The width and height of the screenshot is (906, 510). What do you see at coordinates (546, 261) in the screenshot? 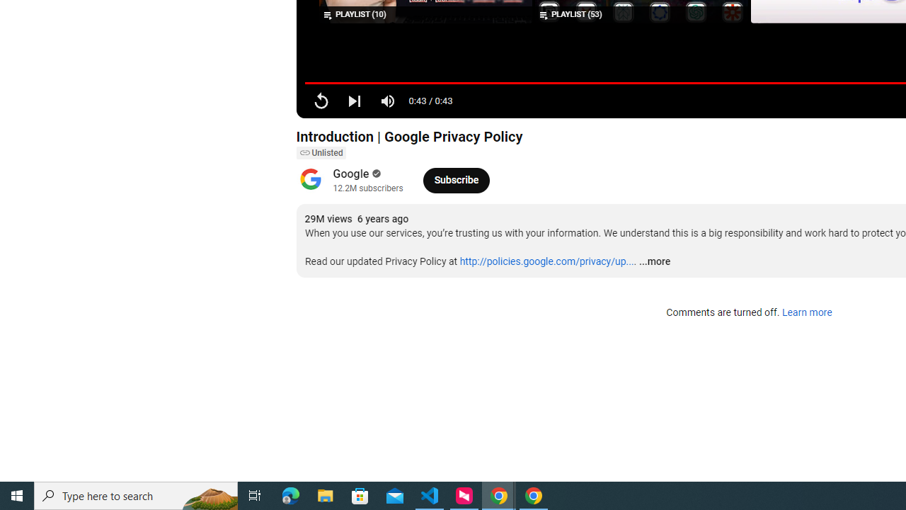
I see `'http://policies.google.com/privacy/up...'` at bounding box center [546, 261].